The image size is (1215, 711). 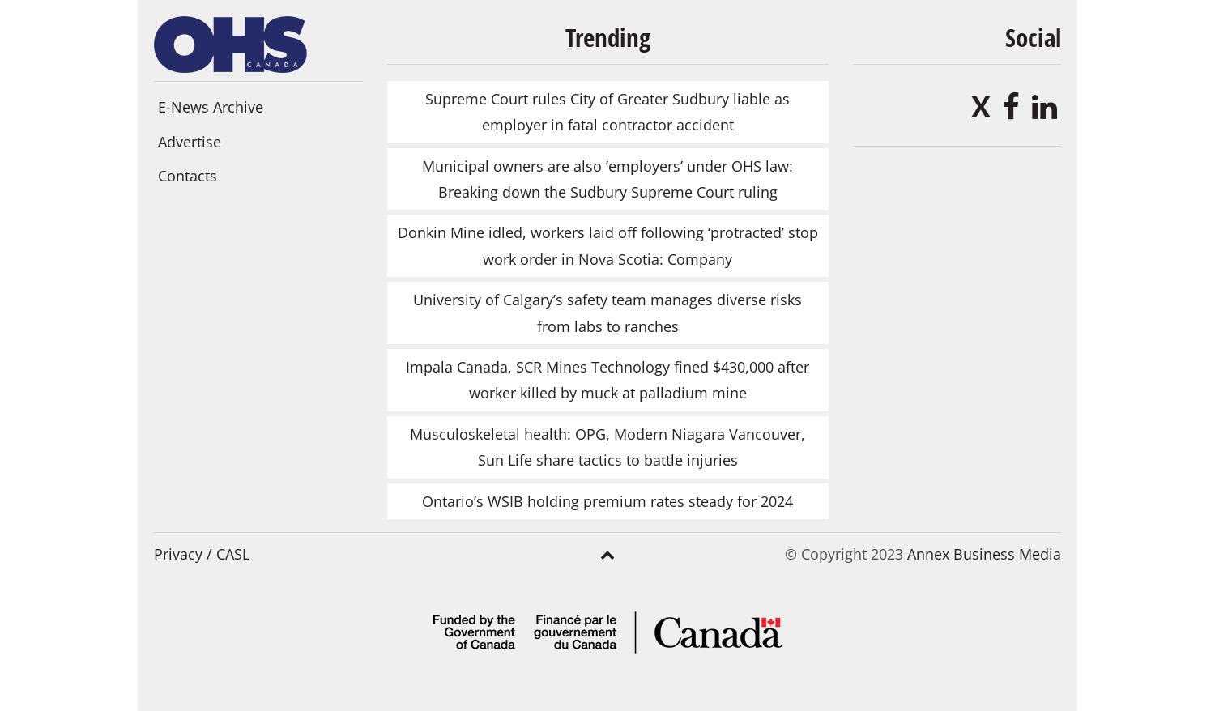 I want to click on 'Musculoskeletal health: OPG, Modern Niagara Vancouver, Sun Life share tactics to battle injuries', so click(x=607, y=445).